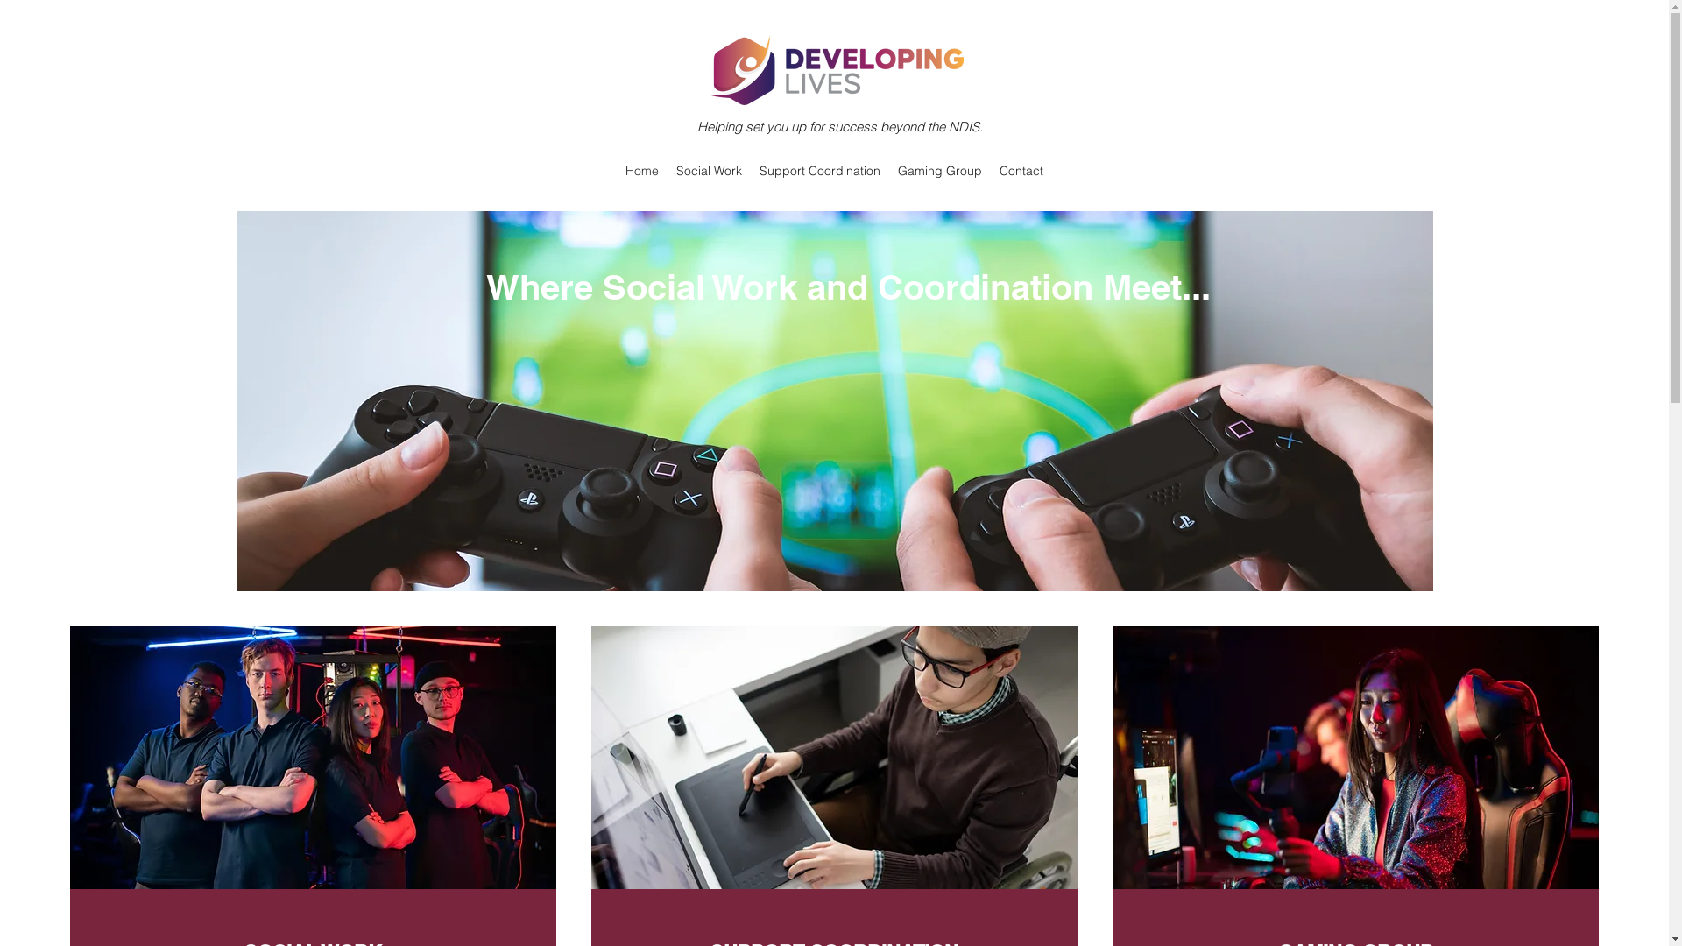 This screenshot has height=946, width=1682. I want to click on 'Gaming Group', so click(939, 171).